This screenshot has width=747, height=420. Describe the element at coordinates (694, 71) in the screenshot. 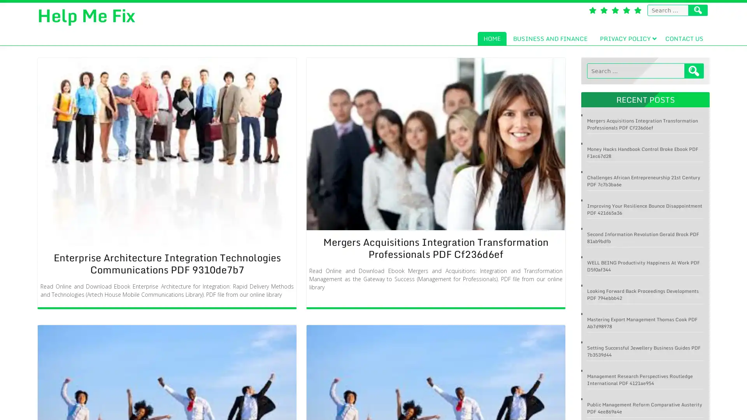

I see `Search` at that location.